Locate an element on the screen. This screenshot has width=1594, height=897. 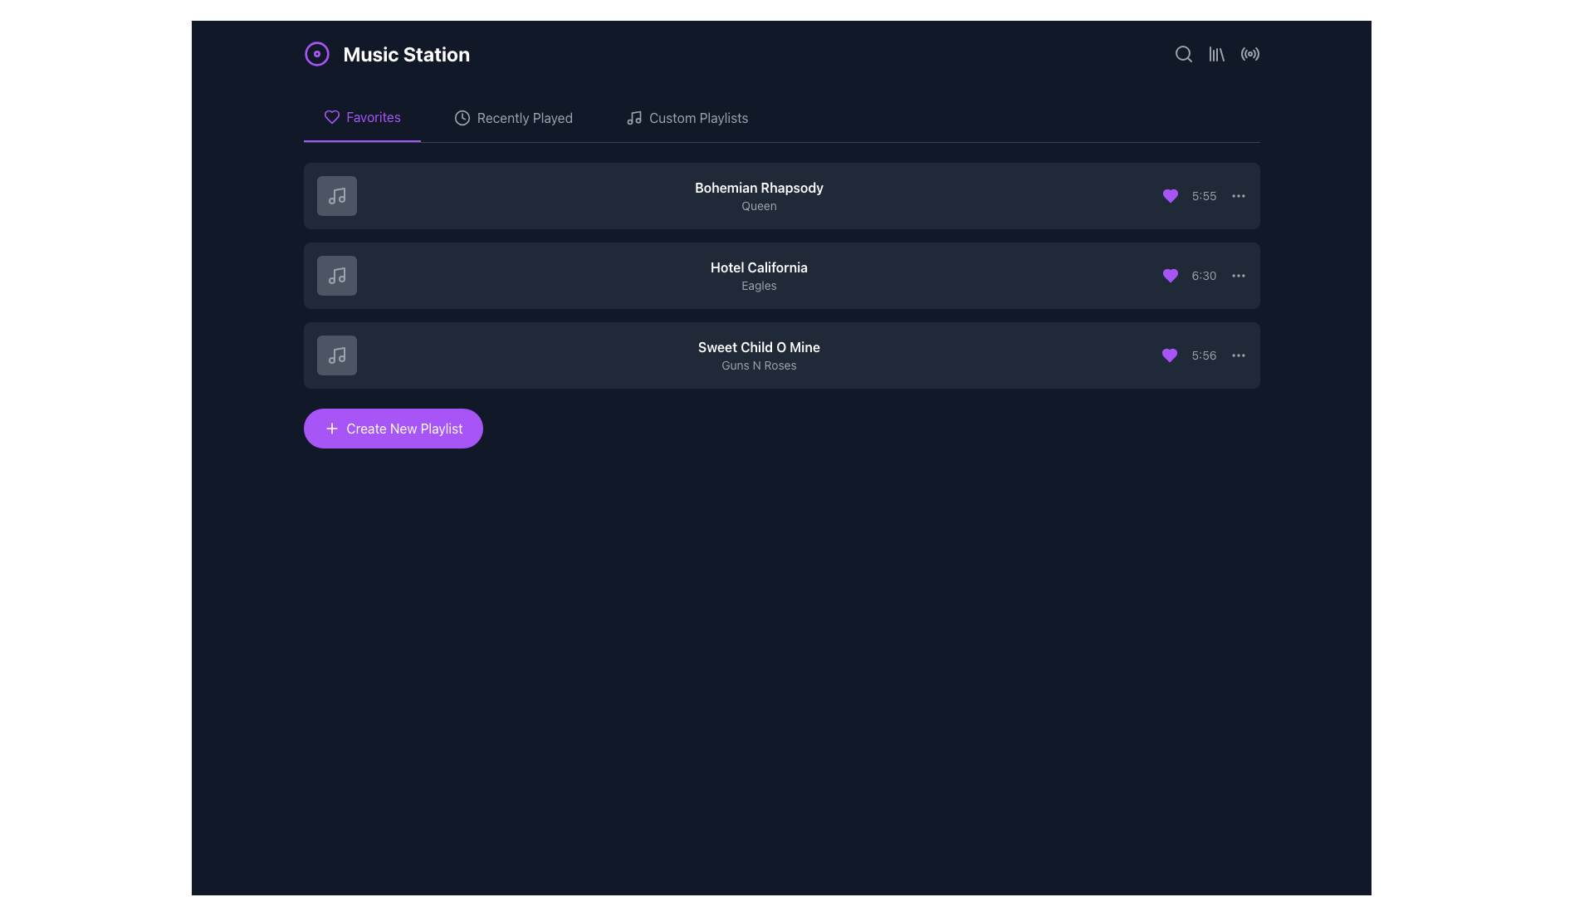
the outermost purple-bordered SVG circle located at the top-left corner of the interface is located at coordinates (316, 53).